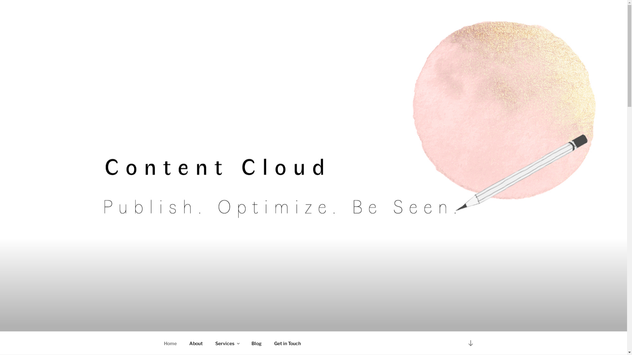  I want to click on 'Get in Touch', so click(287, 343).